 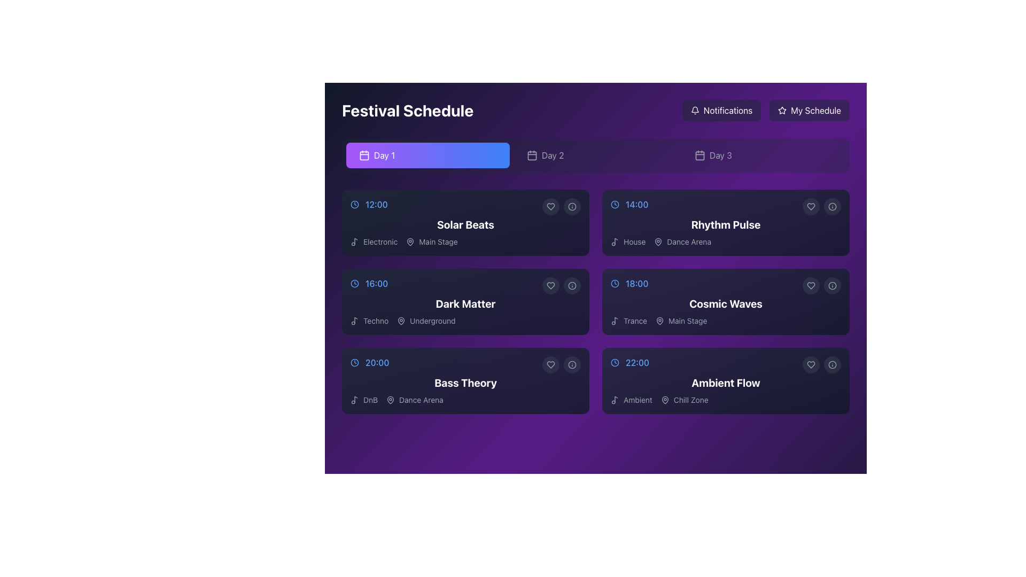 I want to click on the musical note icon located in the bottom-right card labeled 'Ambient Flow', positioned to the left of the text 'Ambient', for information, so click(x=615, y=400).